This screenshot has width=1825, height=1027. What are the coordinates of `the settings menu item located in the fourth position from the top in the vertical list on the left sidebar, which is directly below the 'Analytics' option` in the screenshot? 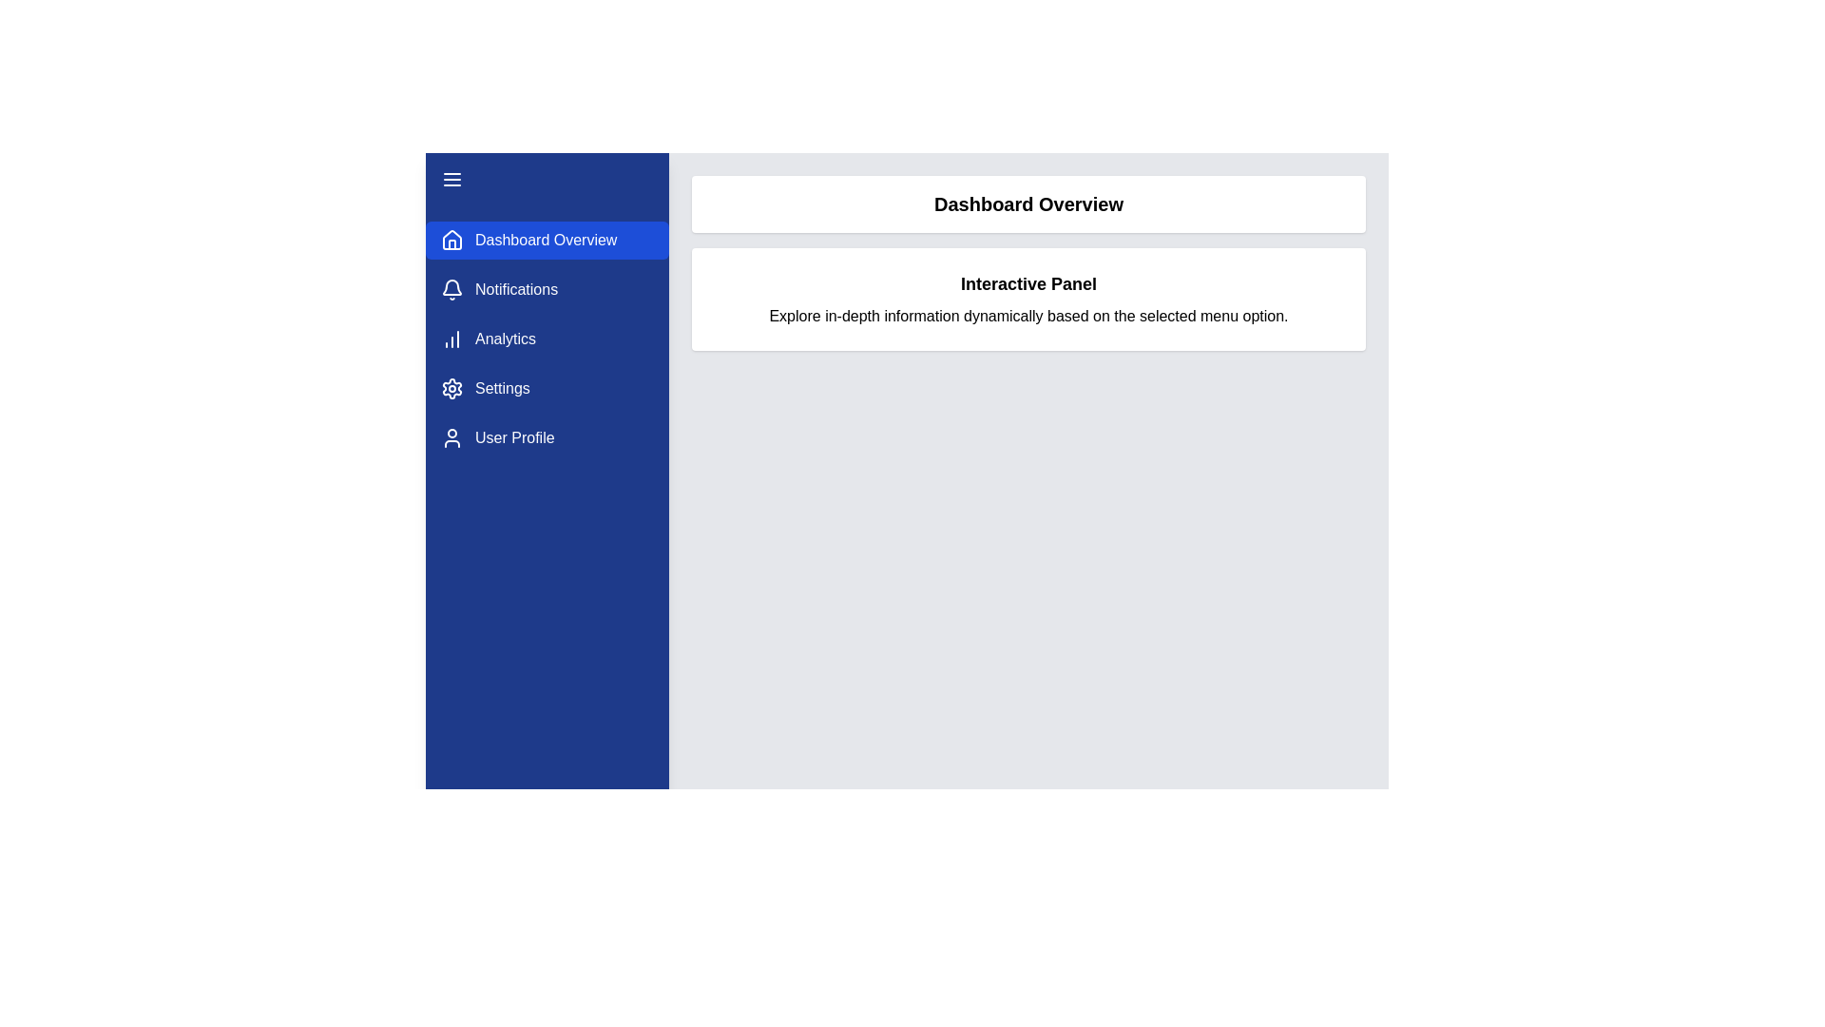 It's located at (547, 387).